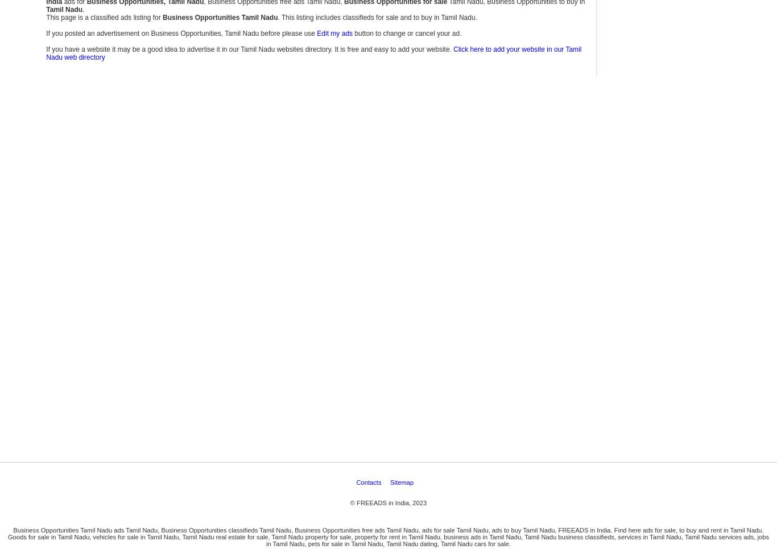 This screenshot has width=777, height=549. I want to click on 'Contacts', so click(369, 142).